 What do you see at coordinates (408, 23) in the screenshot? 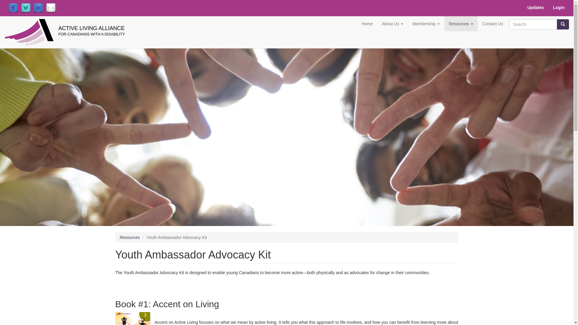
I see `'Membership'` at bounding box center [408, 23].